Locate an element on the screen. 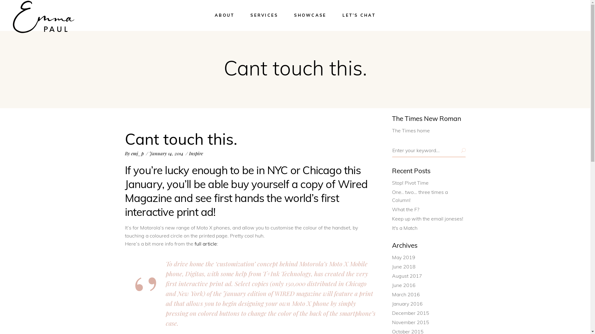 This screenshot has width=595, height=334. 'Stop! Pivot Time' is located at coordinates (410, 182).